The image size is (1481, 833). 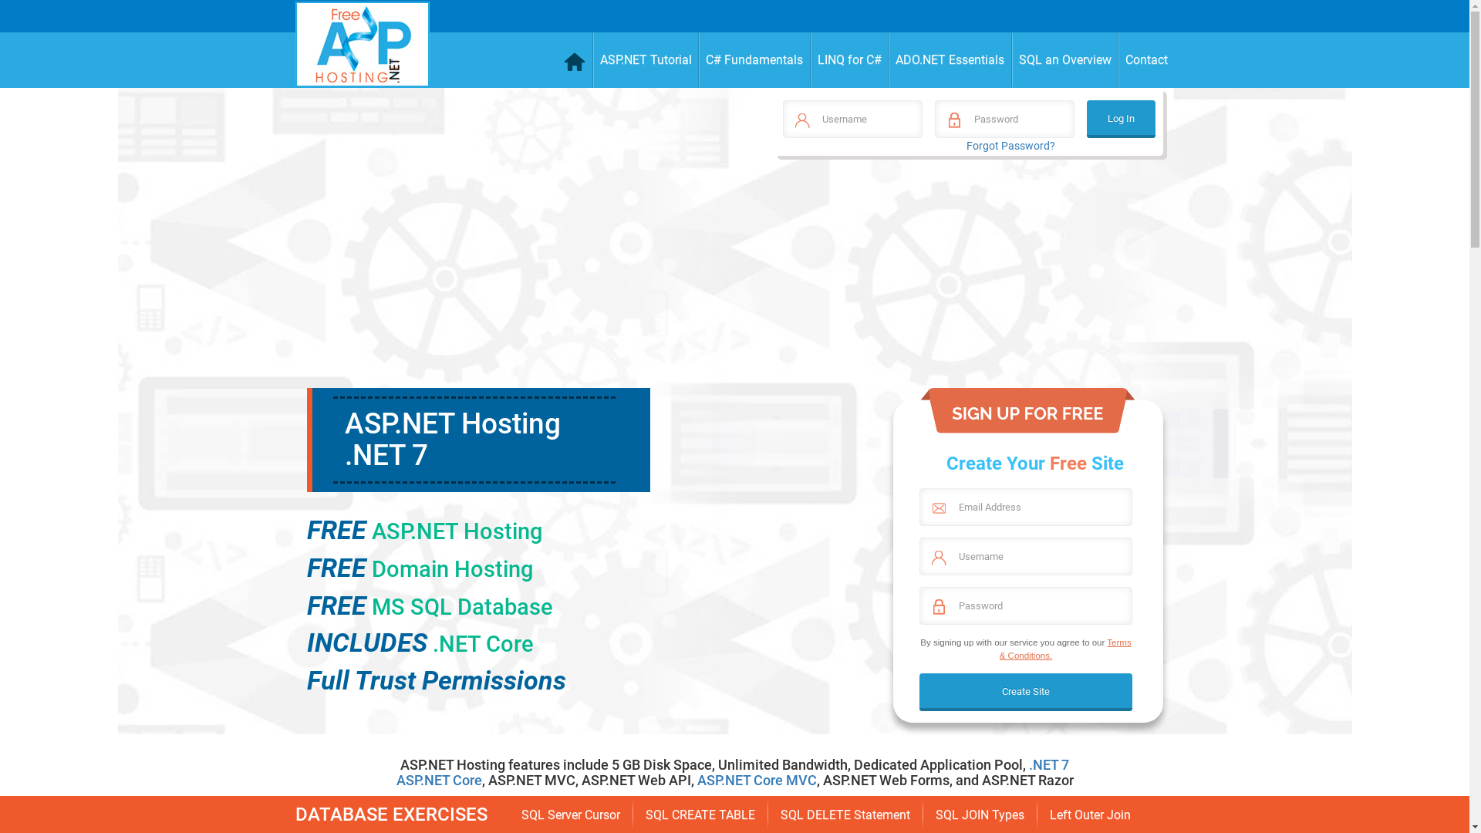 I want to click on 'ASP.NET Core', so click(x=438, y=780).